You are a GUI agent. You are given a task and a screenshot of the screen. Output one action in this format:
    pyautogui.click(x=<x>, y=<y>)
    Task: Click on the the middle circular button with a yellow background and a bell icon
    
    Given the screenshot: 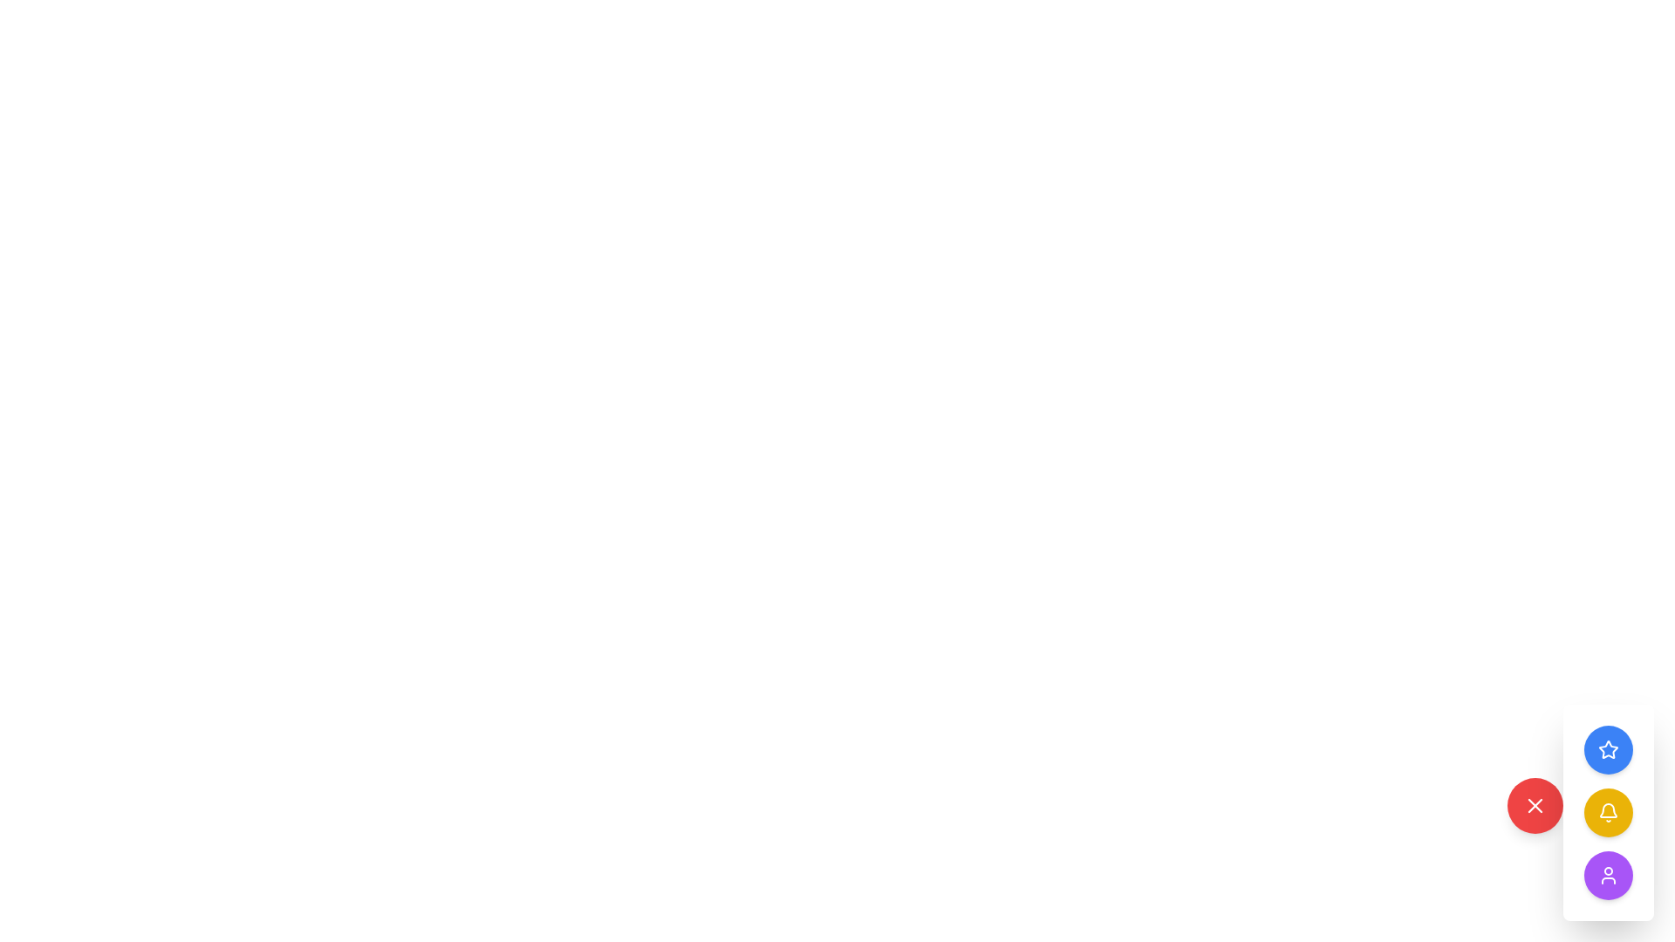 What is the action you would take?
    pyautogui.click(x=1607, y=813)
    